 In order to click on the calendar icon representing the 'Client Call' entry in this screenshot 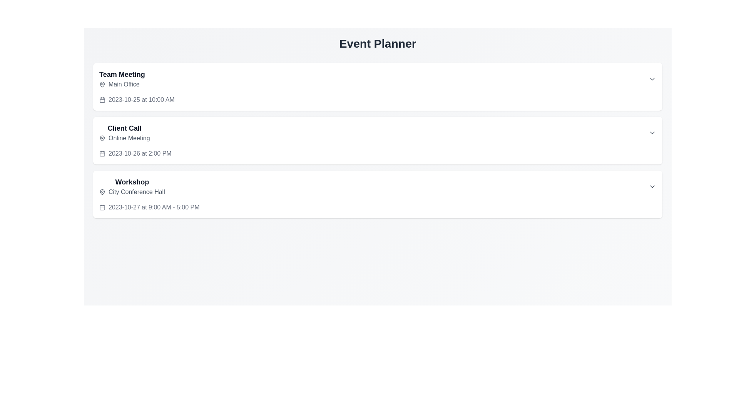, I will do `click(102, 154)`.